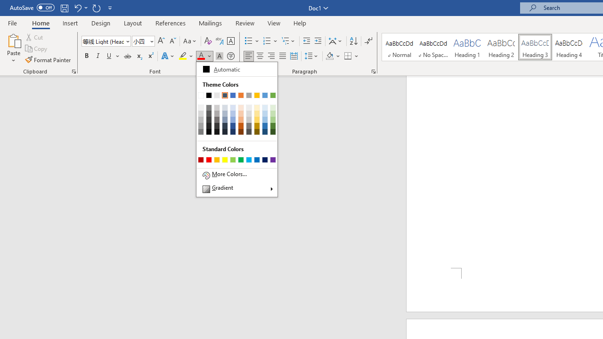 The width and height of the screenshot is (603, 339). I want to click on 'Bold', so click(86, 56).